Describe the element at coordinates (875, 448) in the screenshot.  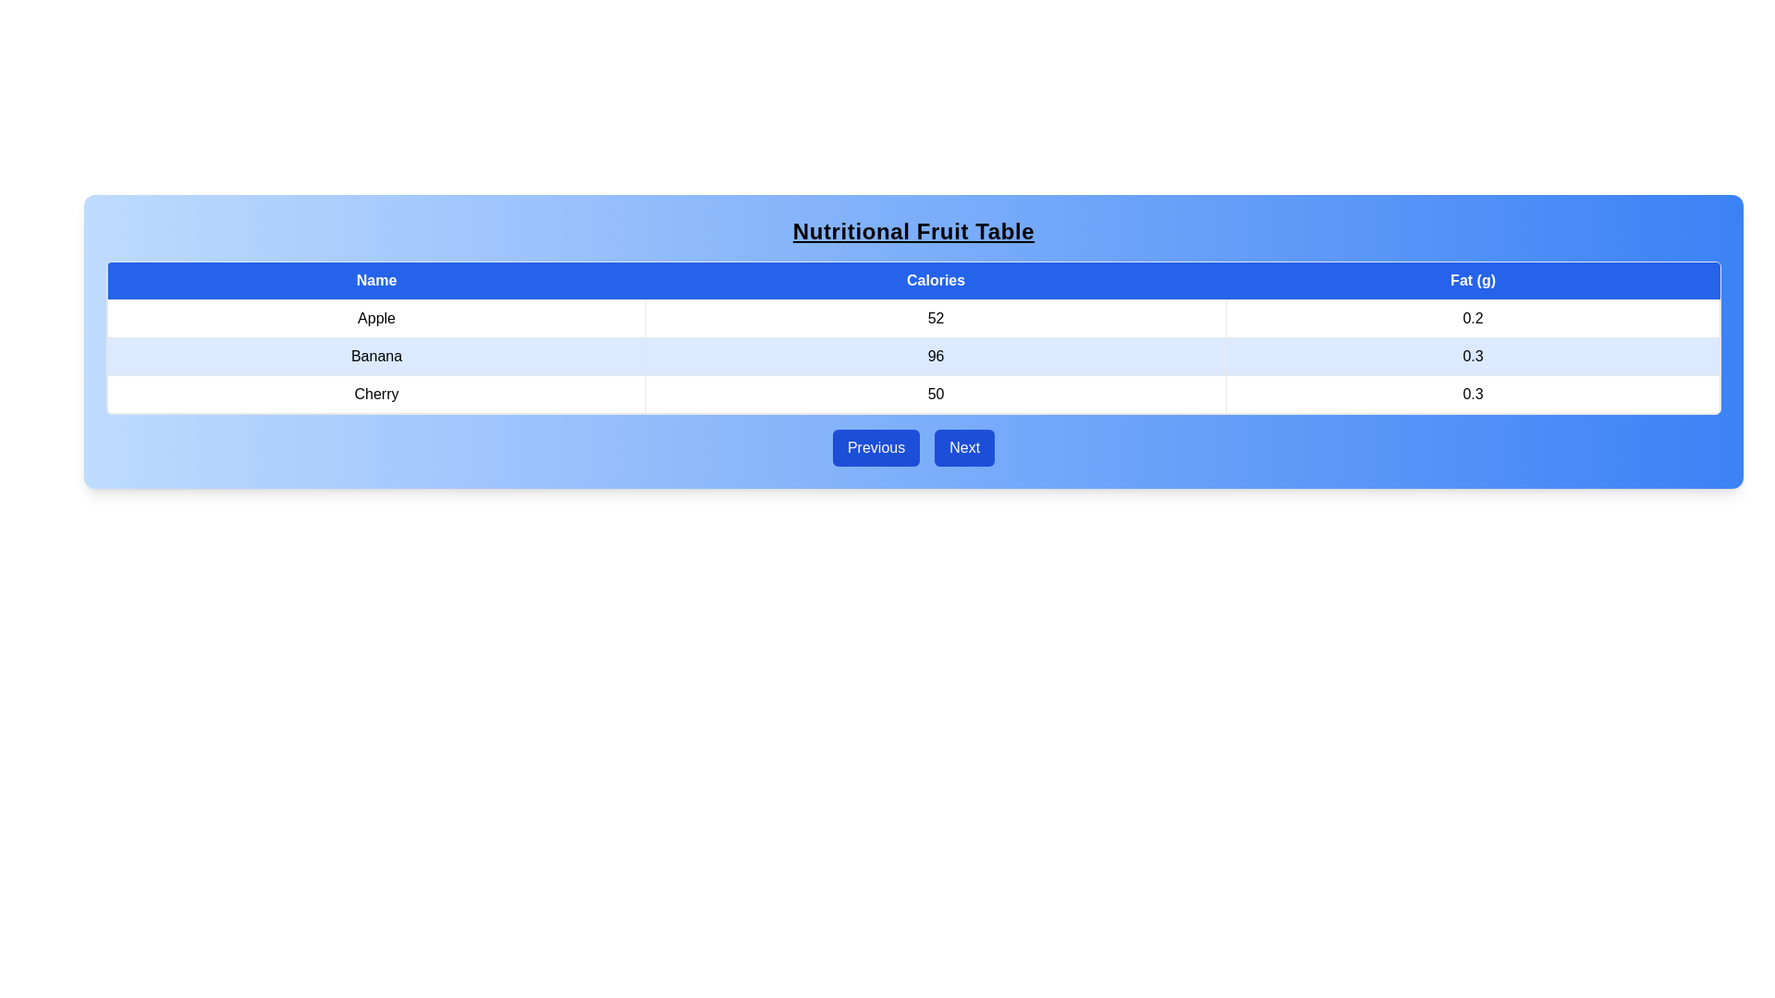
I see `the 'Previous' button located below the table to trigger style changes` at that location.